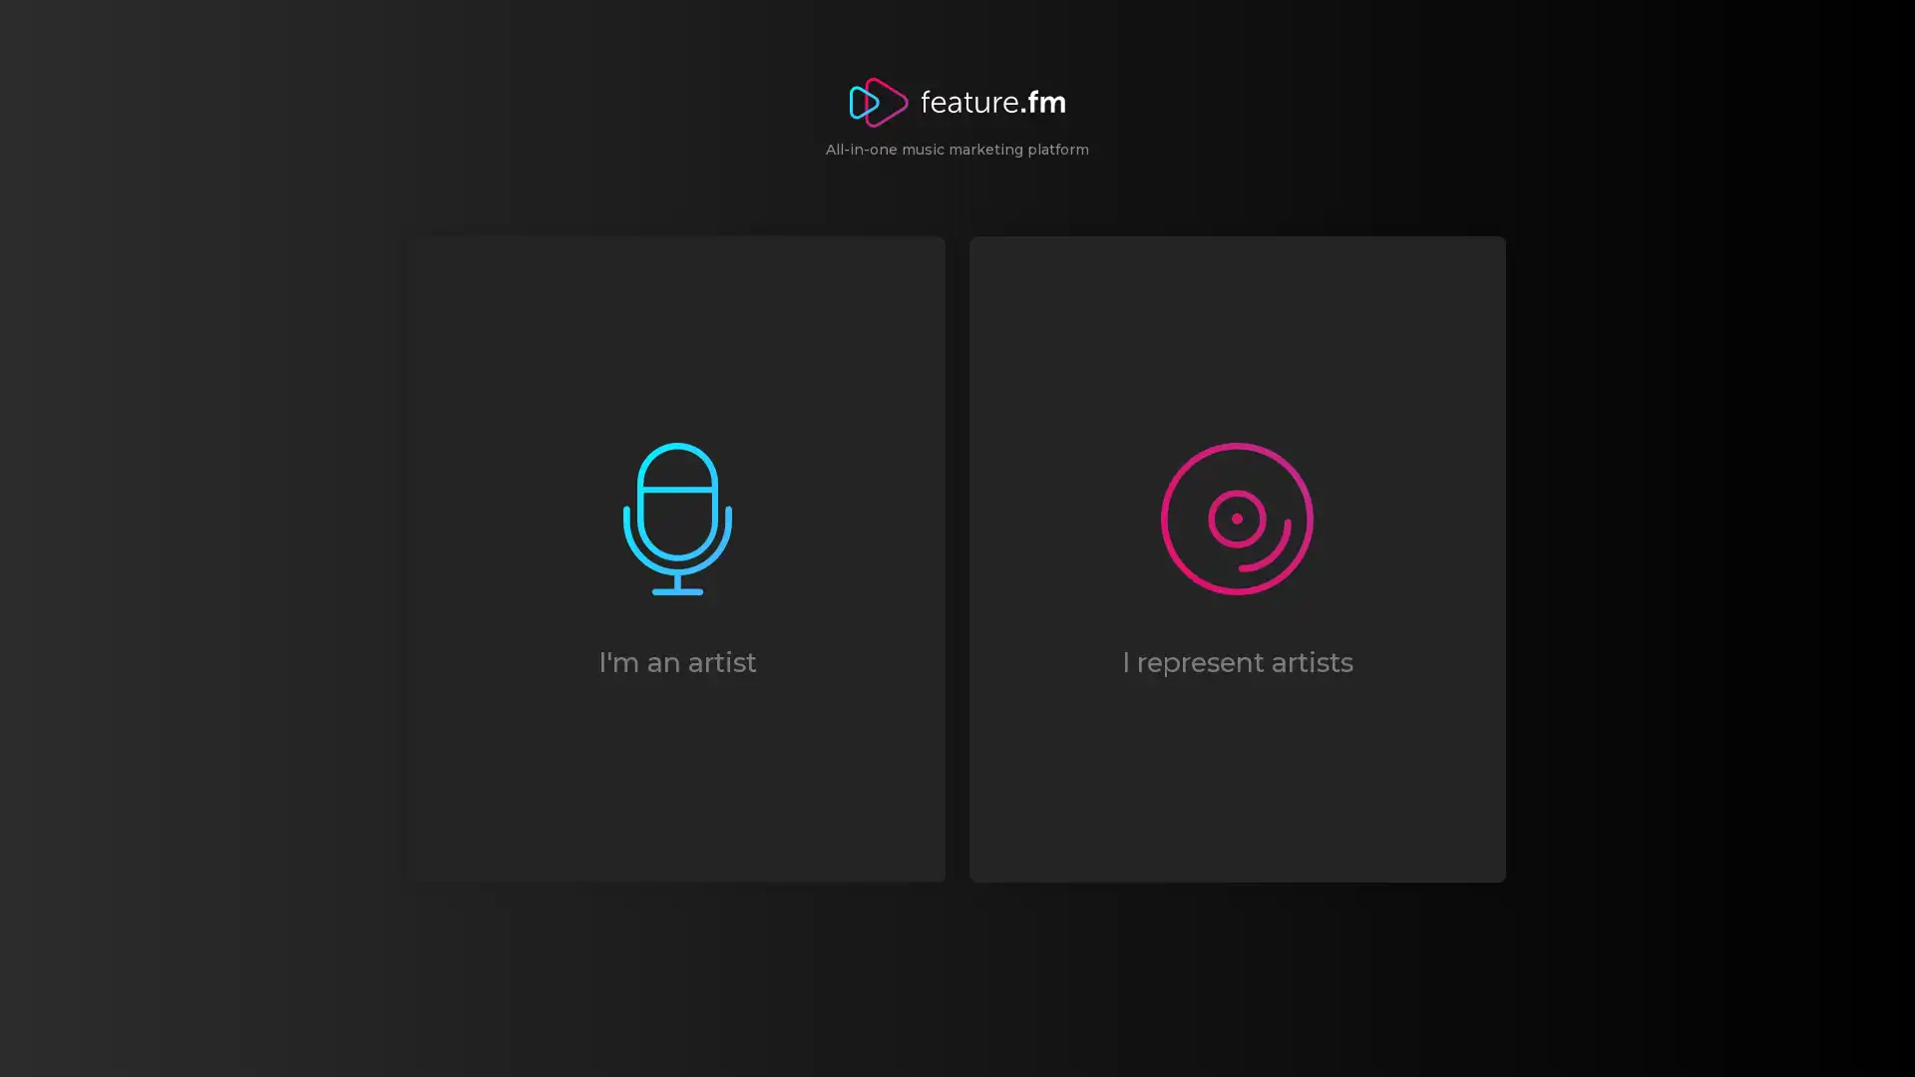  I want to click on I'm an artist, so click(676, 558).